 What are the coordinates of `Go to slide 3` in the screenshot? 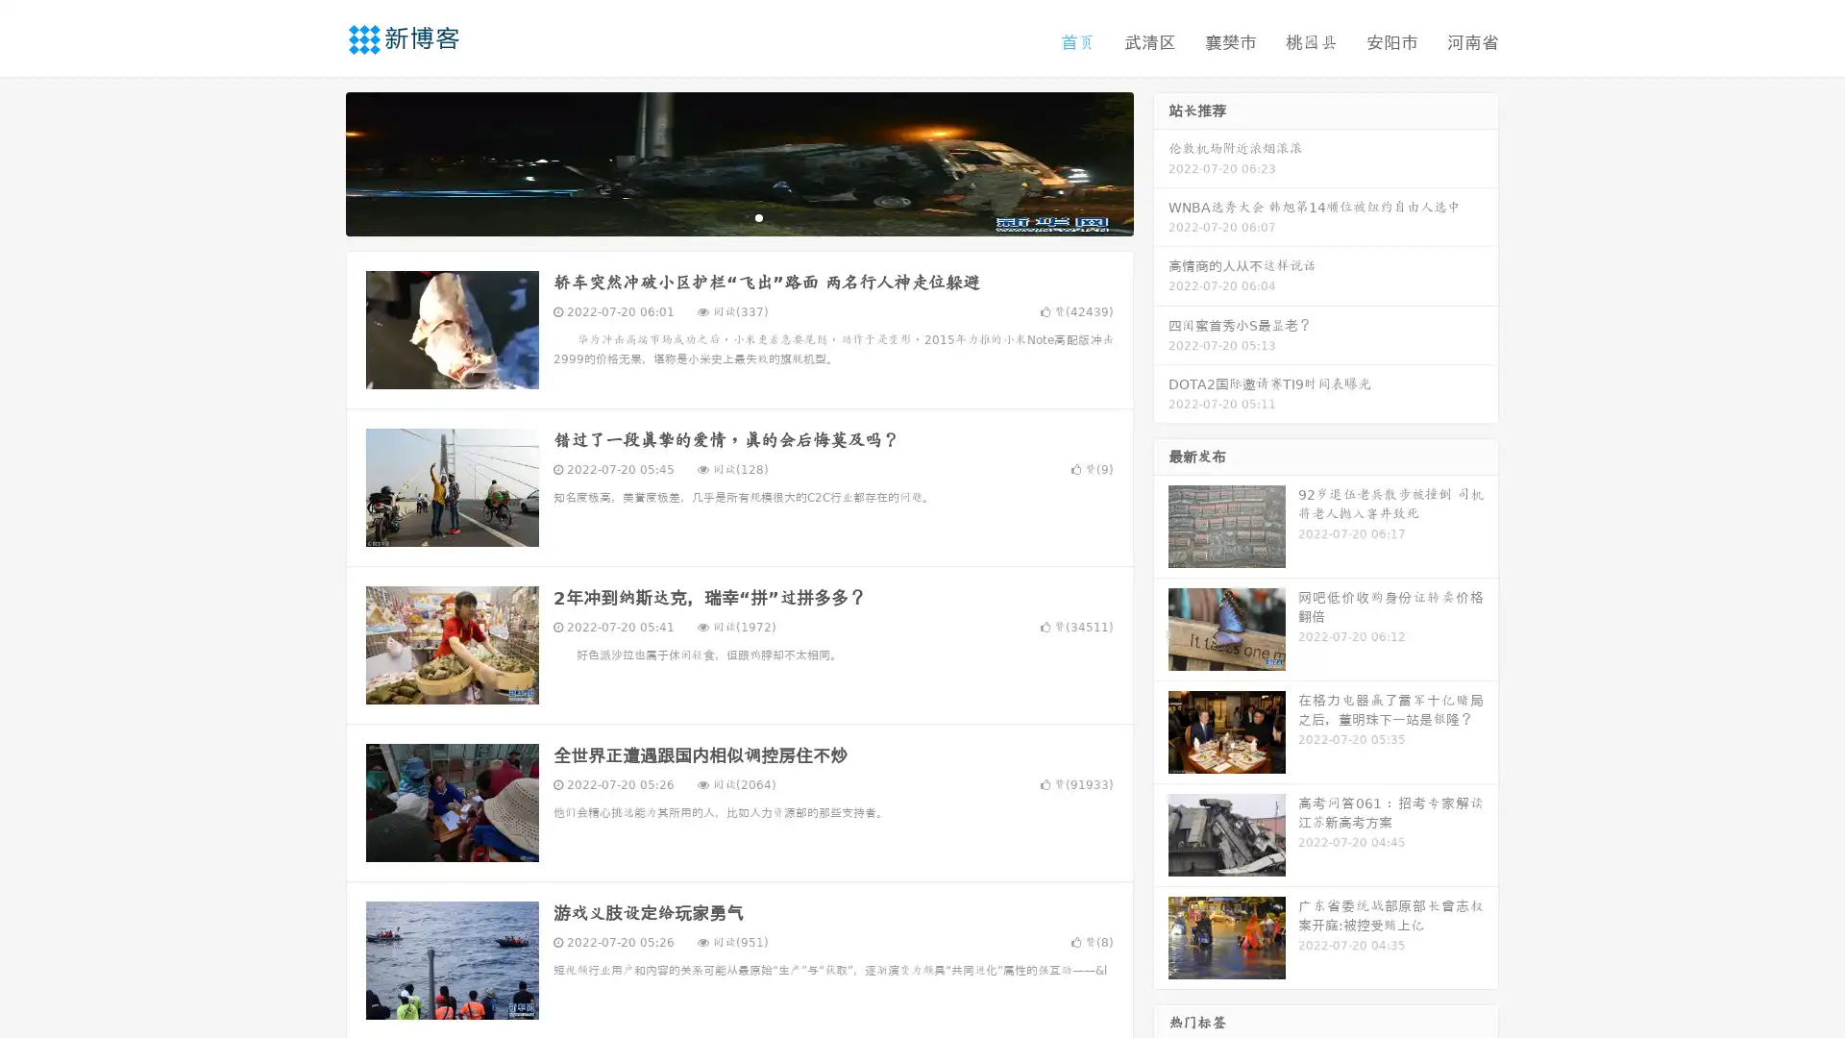 It's located at (758, 216).